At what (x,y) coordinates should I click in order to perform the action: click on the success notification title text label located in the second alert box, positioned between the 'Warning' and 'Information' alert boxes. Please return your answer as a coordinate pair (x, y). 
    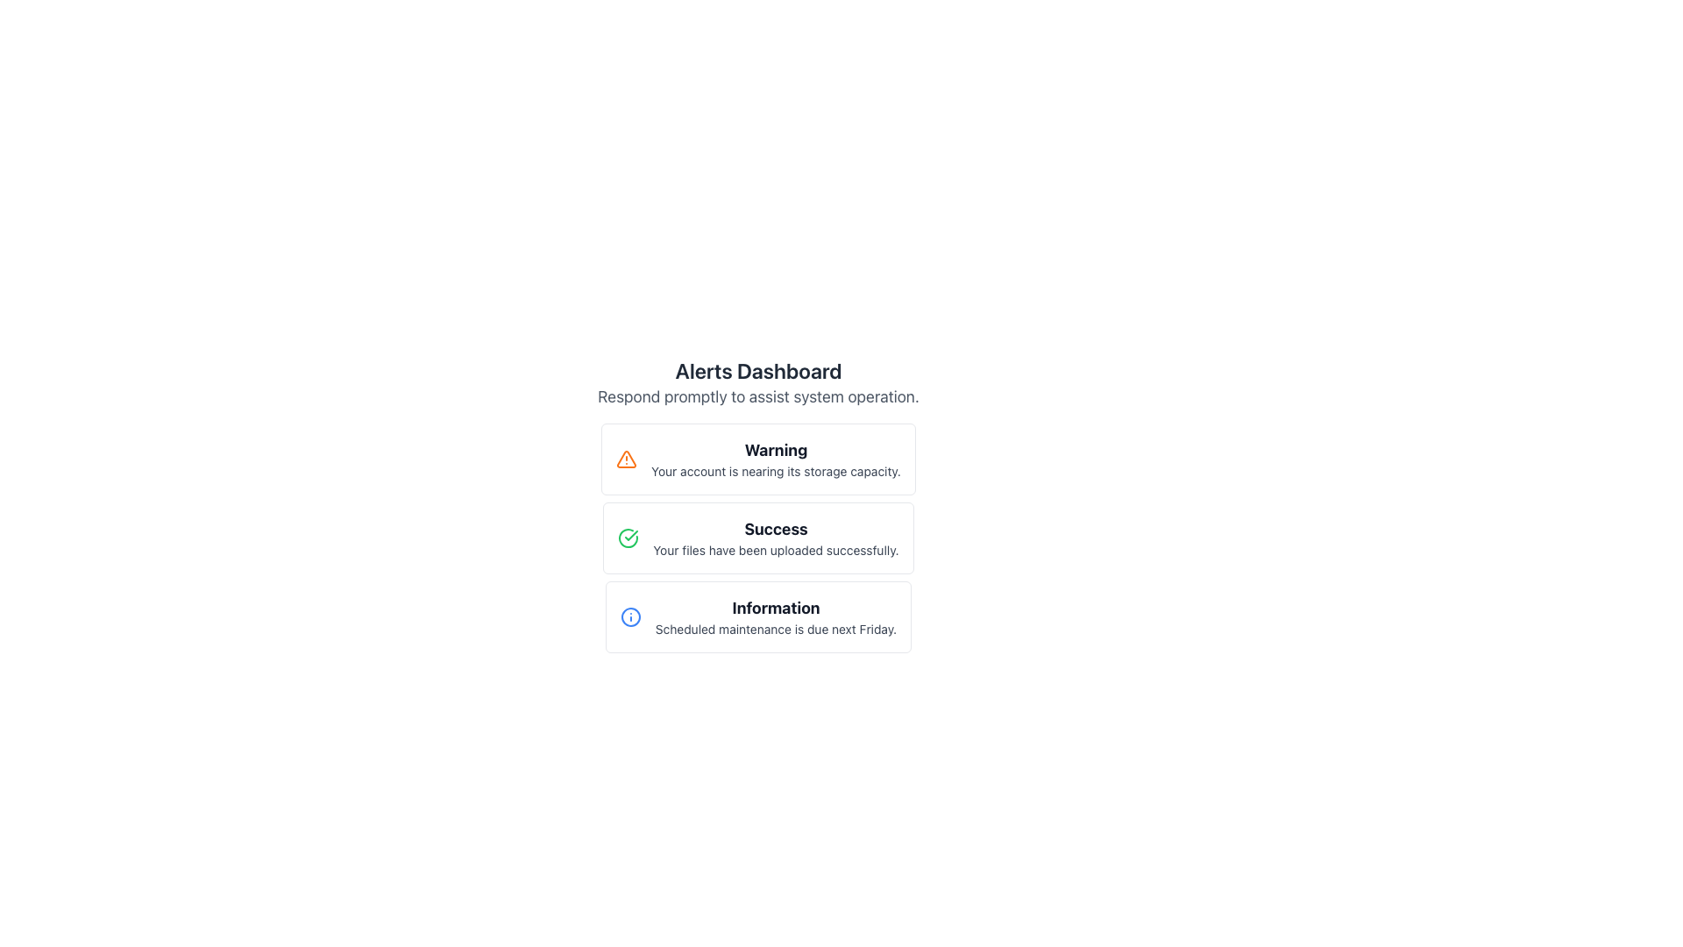
    Looking at the image, I should click on (775, 529).